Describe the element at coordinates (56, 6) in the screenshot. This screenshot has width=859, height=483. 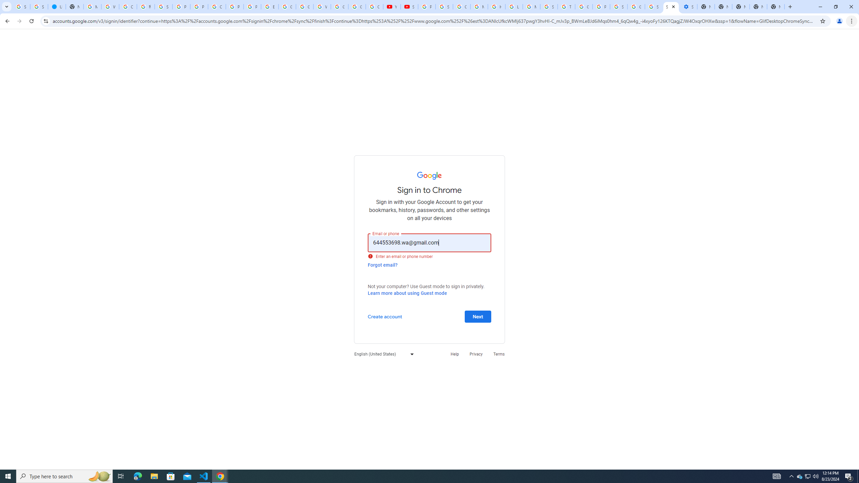
I see `'USA TODAY'` at that location.